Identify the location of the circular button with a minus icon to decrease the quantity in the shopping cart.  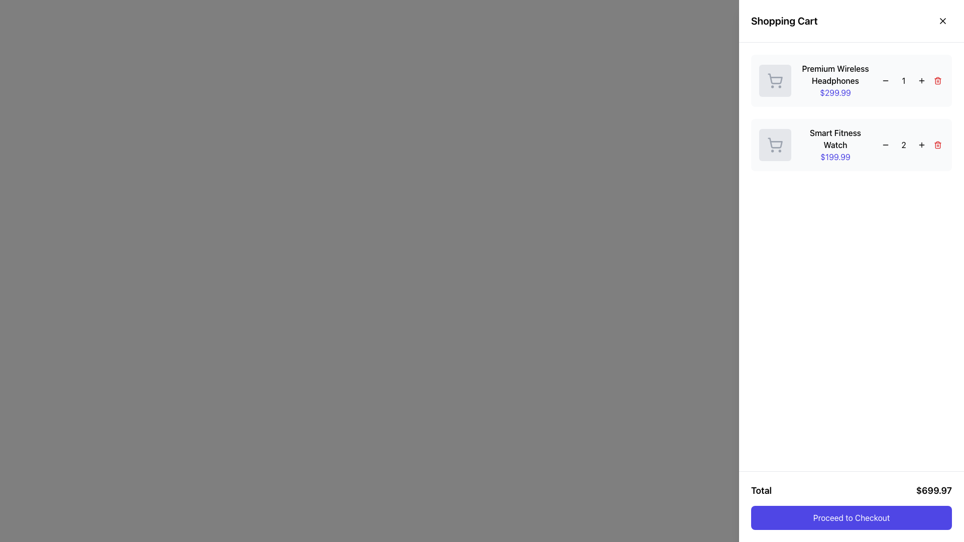
(885, 80).